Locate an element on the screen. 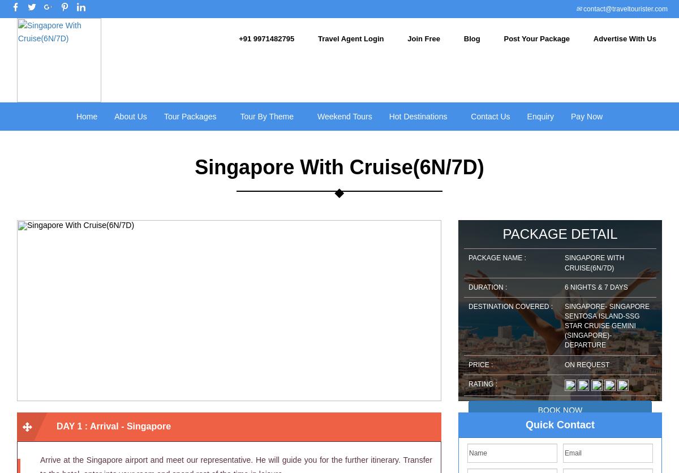 The image size is (679, 473). 'Quick Contact' is located at coordinates (560, 424).